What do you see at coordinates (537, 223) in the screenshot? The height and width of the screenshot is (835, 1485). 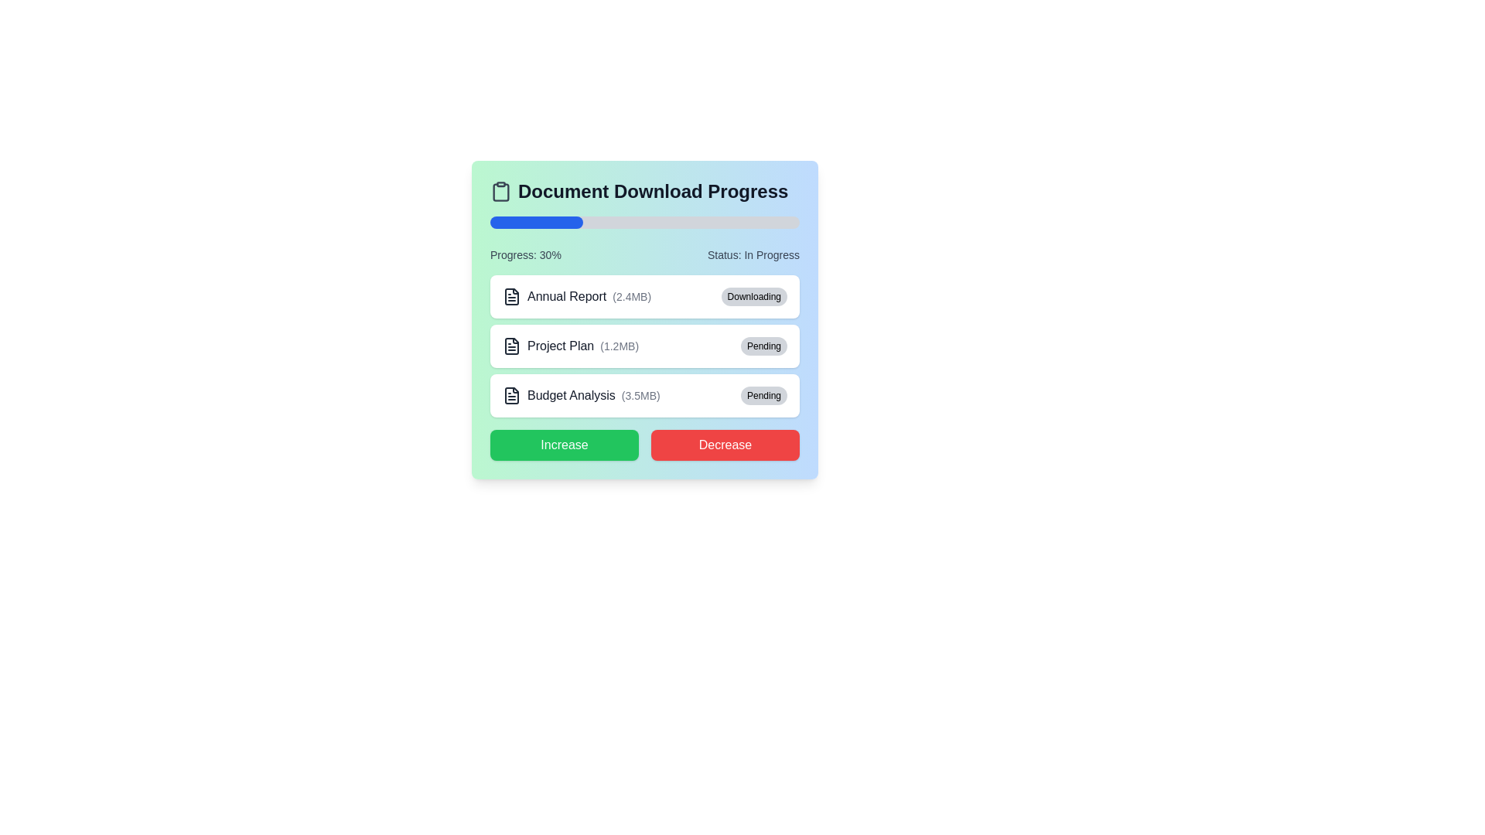 I see `the progress bar segment indicating 30% completion of document downloads, located near the top of the download progress panel` at bounding box center [537, 223].